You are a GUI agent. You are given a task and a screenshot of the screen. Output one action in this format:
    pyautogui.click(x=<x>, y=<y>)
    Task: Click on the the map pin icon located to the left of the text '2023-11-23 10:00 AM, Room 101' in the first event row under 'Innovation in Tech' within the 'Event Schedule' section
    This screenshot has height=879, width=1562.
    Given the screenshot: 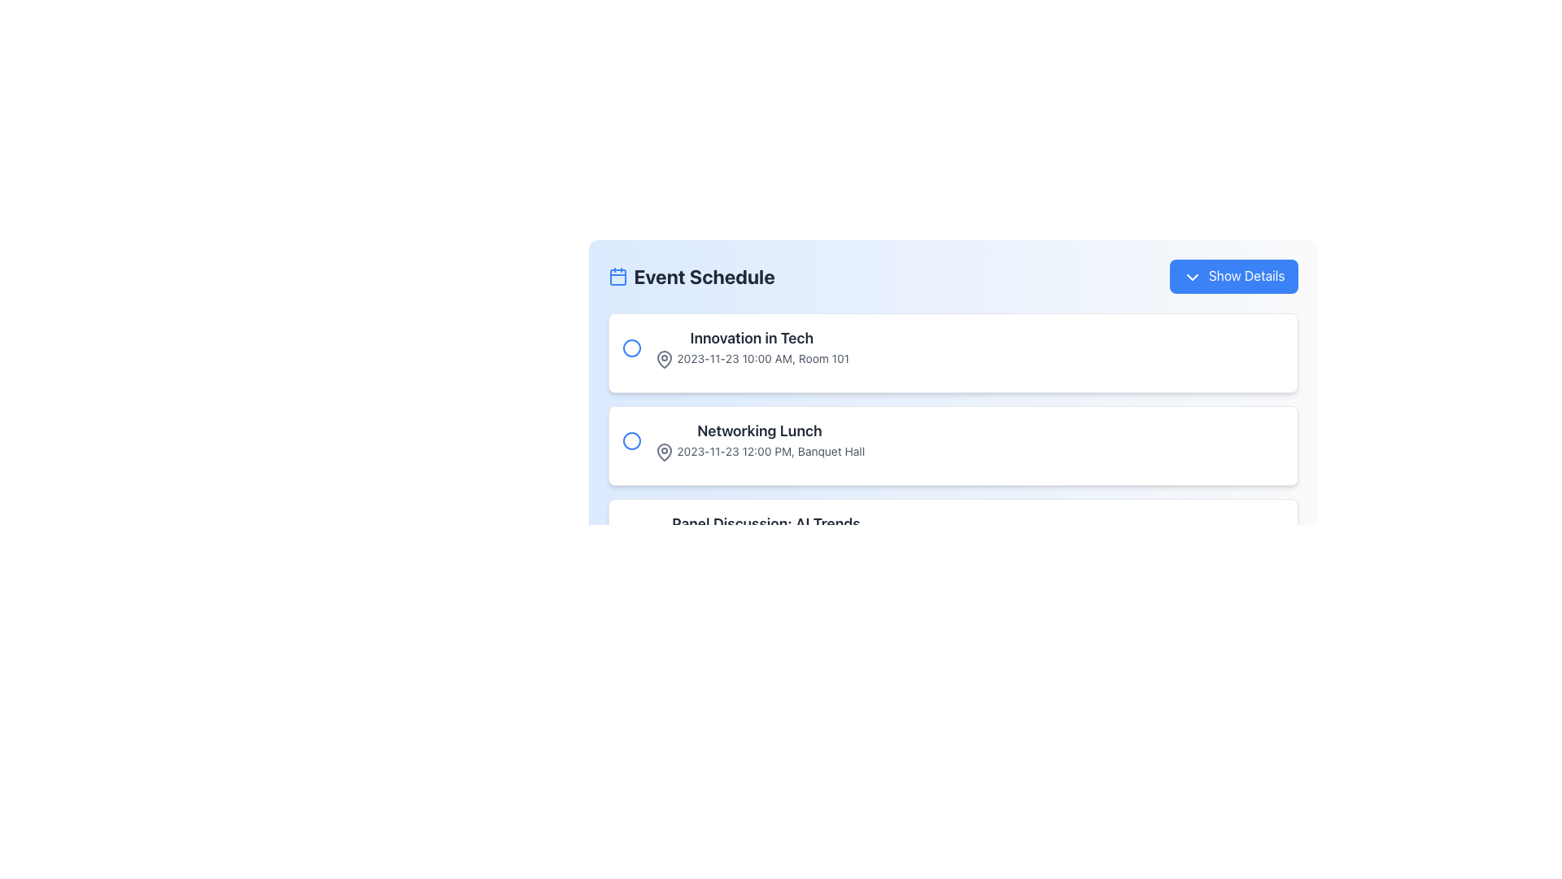 What is the action you would take?
    pyautogui.click(x=664, y=358)
    